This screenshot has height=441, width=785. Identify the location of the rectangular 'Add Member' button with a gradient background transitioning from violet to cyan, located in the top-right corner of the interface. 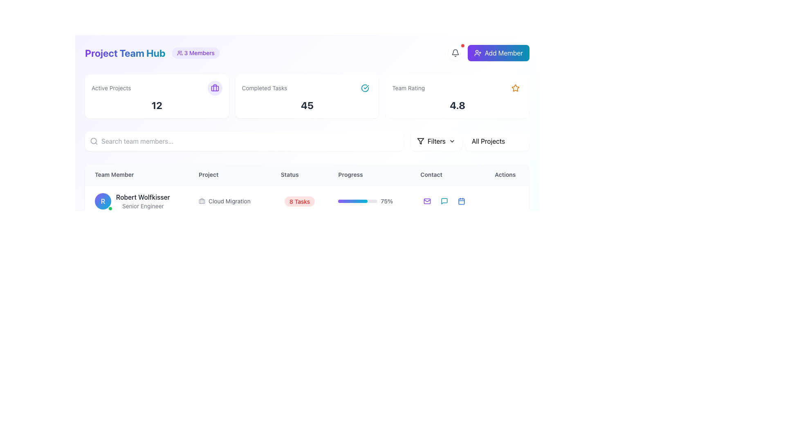
(498, 53).